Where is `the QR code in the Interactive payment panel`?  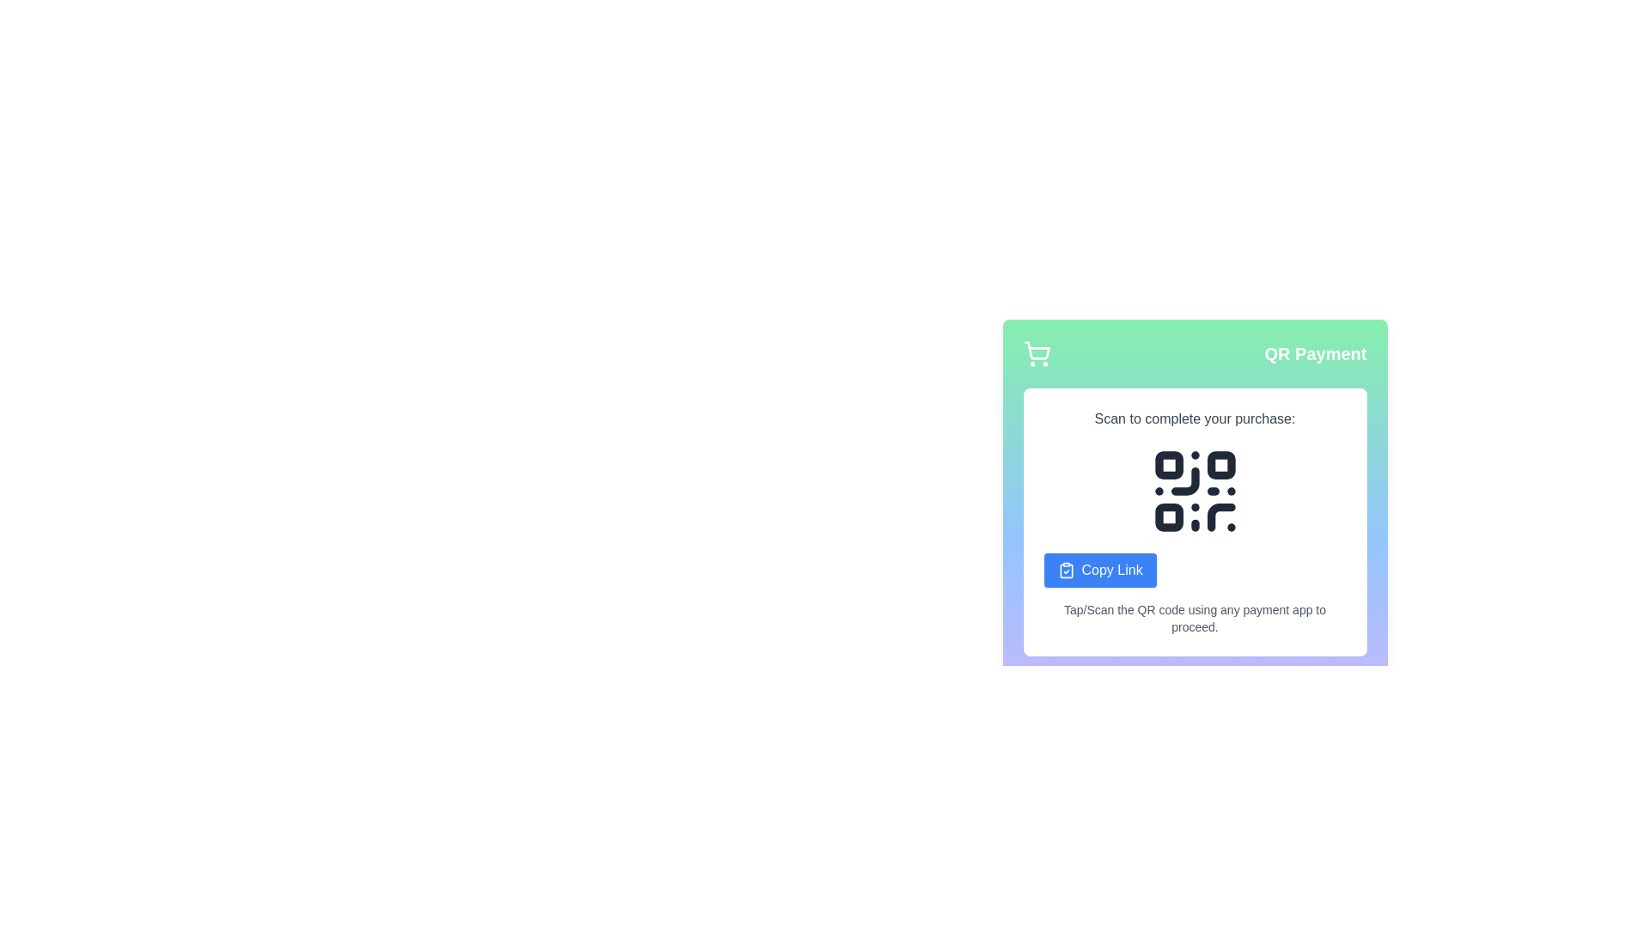 the QR code in the Interactive payment panel is located at coordinates (1194, 482).